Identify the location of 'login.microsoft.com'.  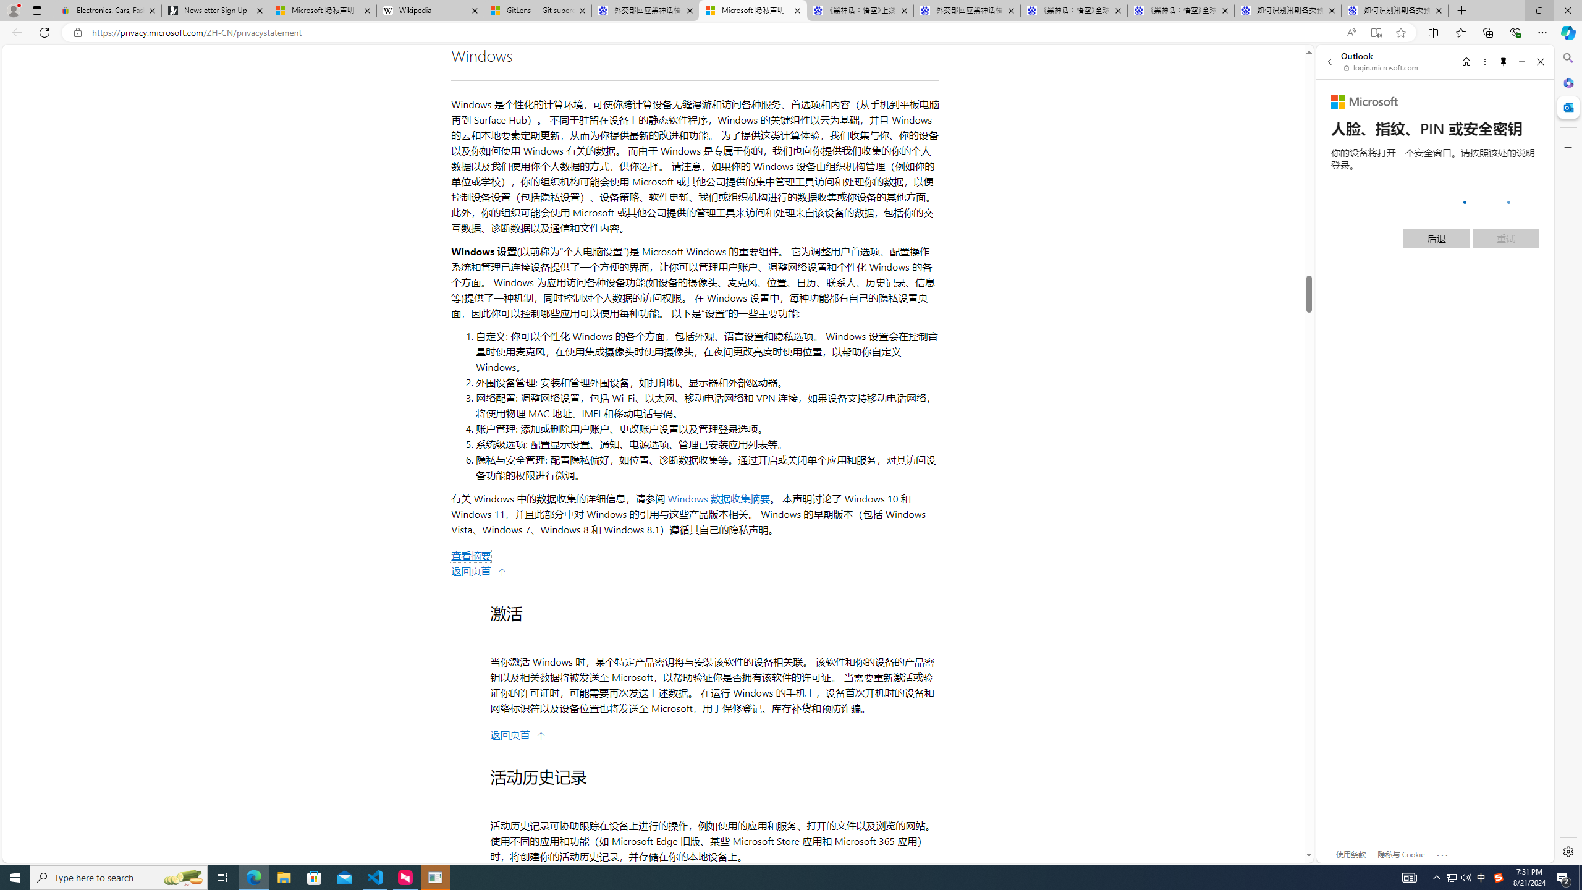
(1381, 67).